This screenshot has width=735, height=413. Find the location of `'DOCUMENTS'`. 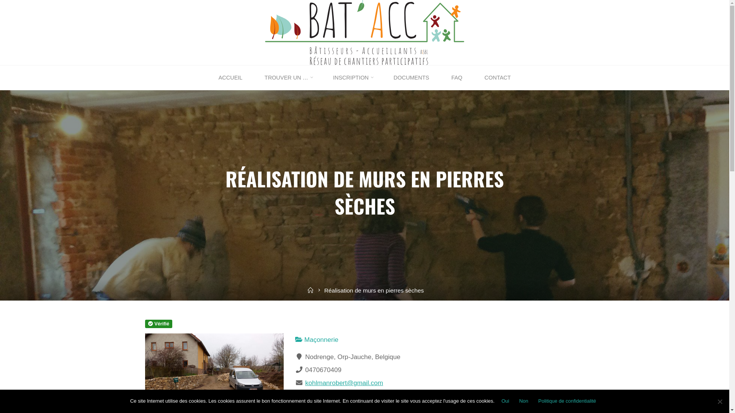

'DOCUMENTS' is located at coordinates (411, 78).